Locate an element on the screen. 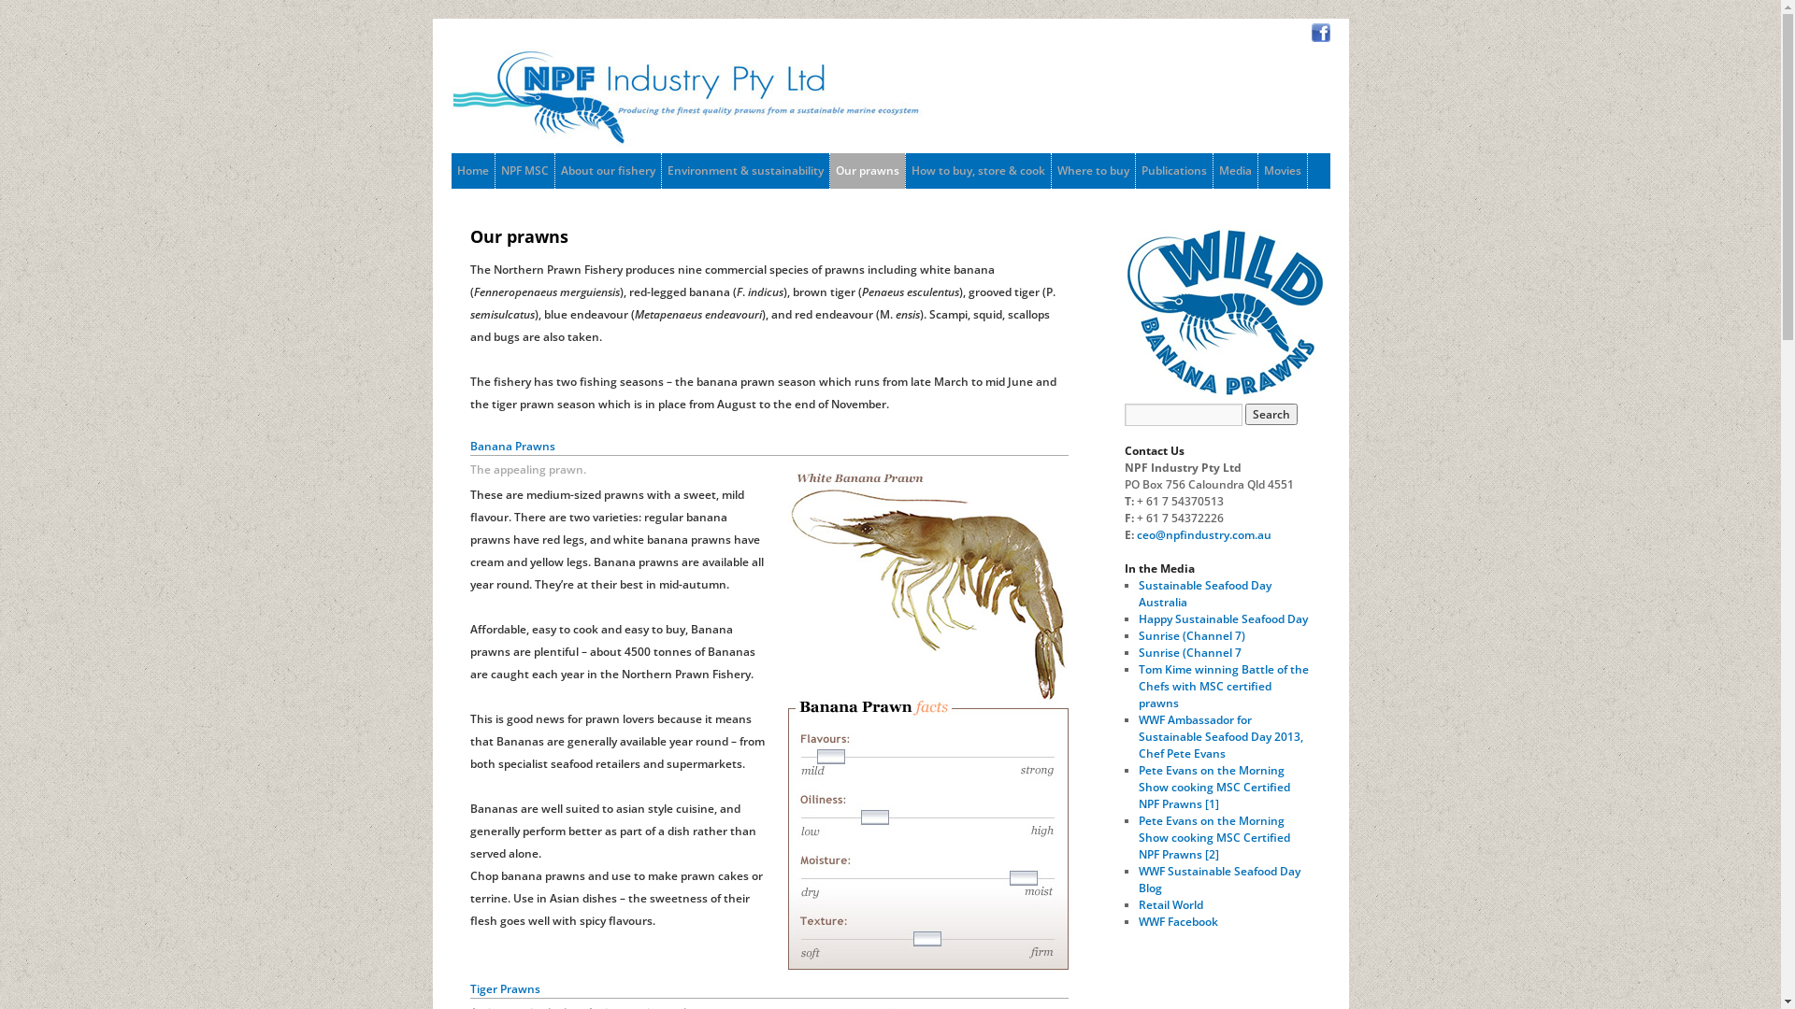 The width and height of the screenshot is (1795, 1009). 'Publications' is located at coordinates (1134, 170).